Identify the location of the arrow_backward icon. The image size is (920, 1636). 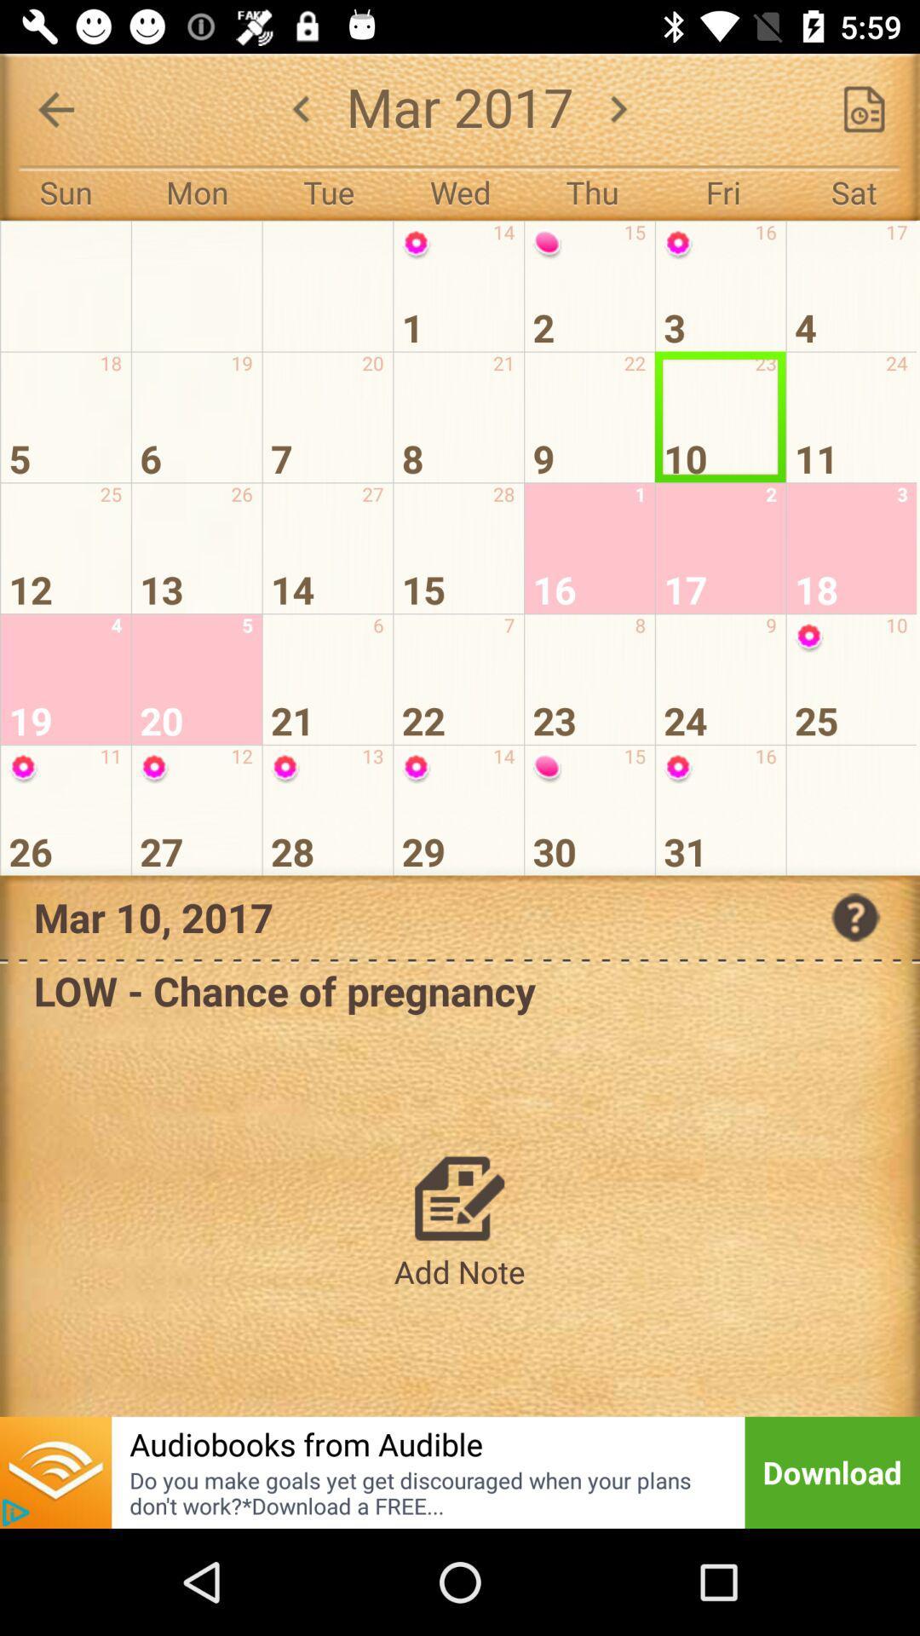
(55, 108).